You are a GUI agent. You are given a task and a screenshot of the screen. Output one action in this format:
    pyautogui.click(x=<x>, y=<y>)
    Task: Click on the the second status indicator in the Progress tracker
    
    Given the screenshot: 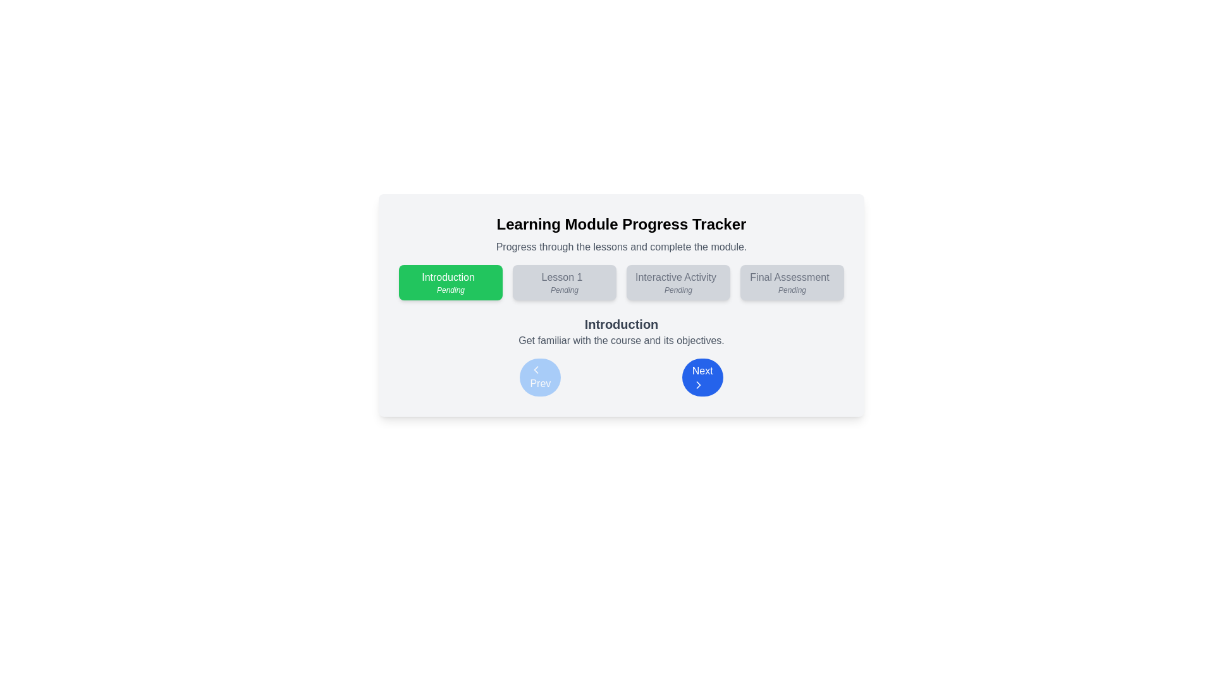 What is the action you would take?
    pyautogui.click(x=622, y=282)
    